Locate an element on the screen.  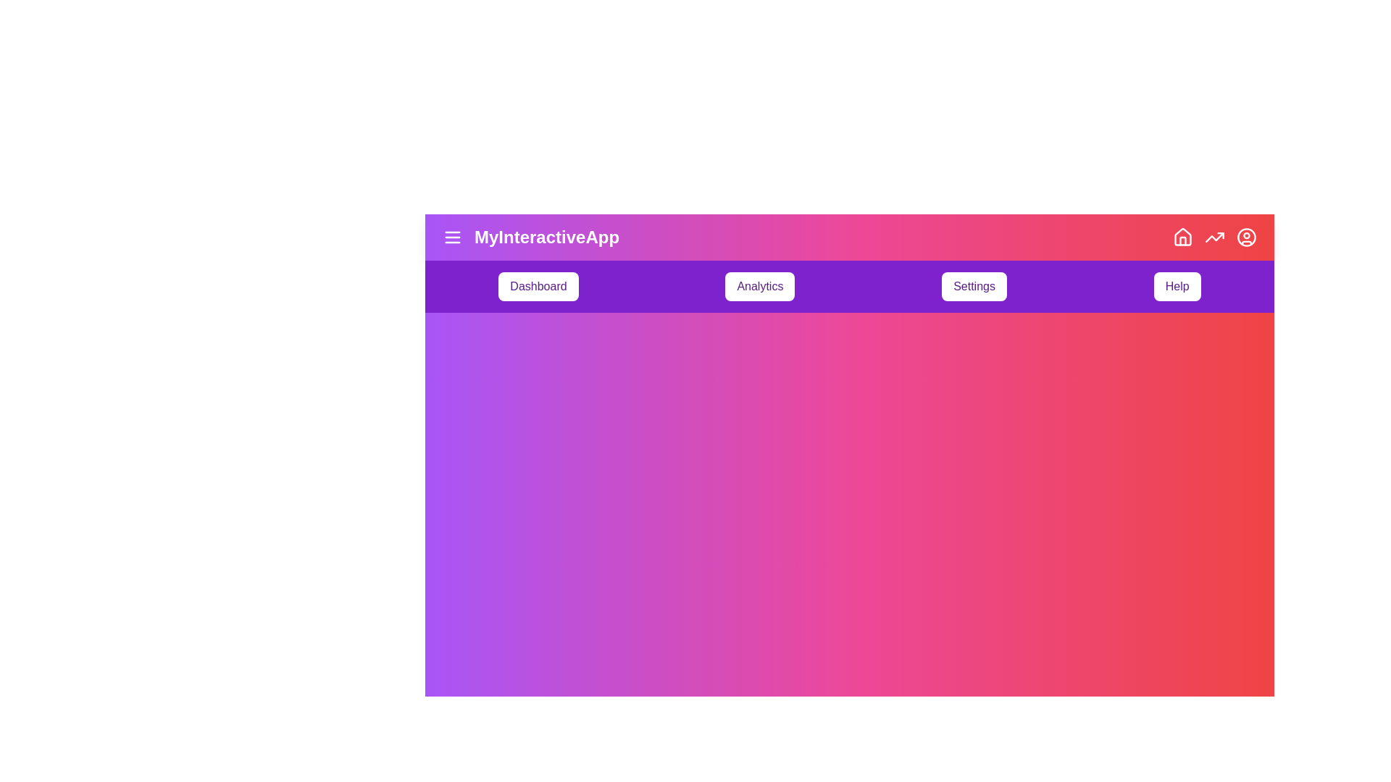
the application title 'MyInteractiveApp' is located at coordinates (530, 236).